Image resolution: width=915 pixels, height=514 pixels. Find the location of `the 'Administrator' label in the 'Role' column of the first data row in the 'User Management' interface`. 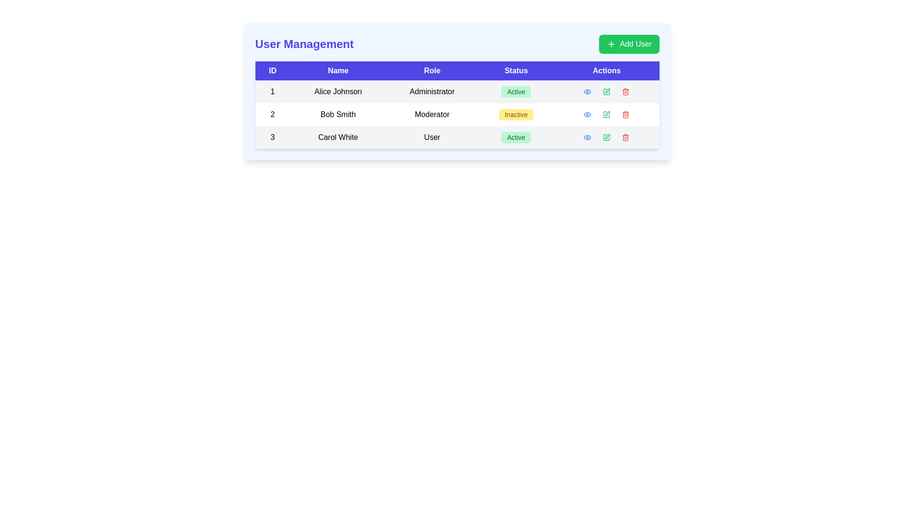

the 'Administrator' label in the 'Role' column of the first data row in the 'User Management' interface is located at coordinates (432, 91).